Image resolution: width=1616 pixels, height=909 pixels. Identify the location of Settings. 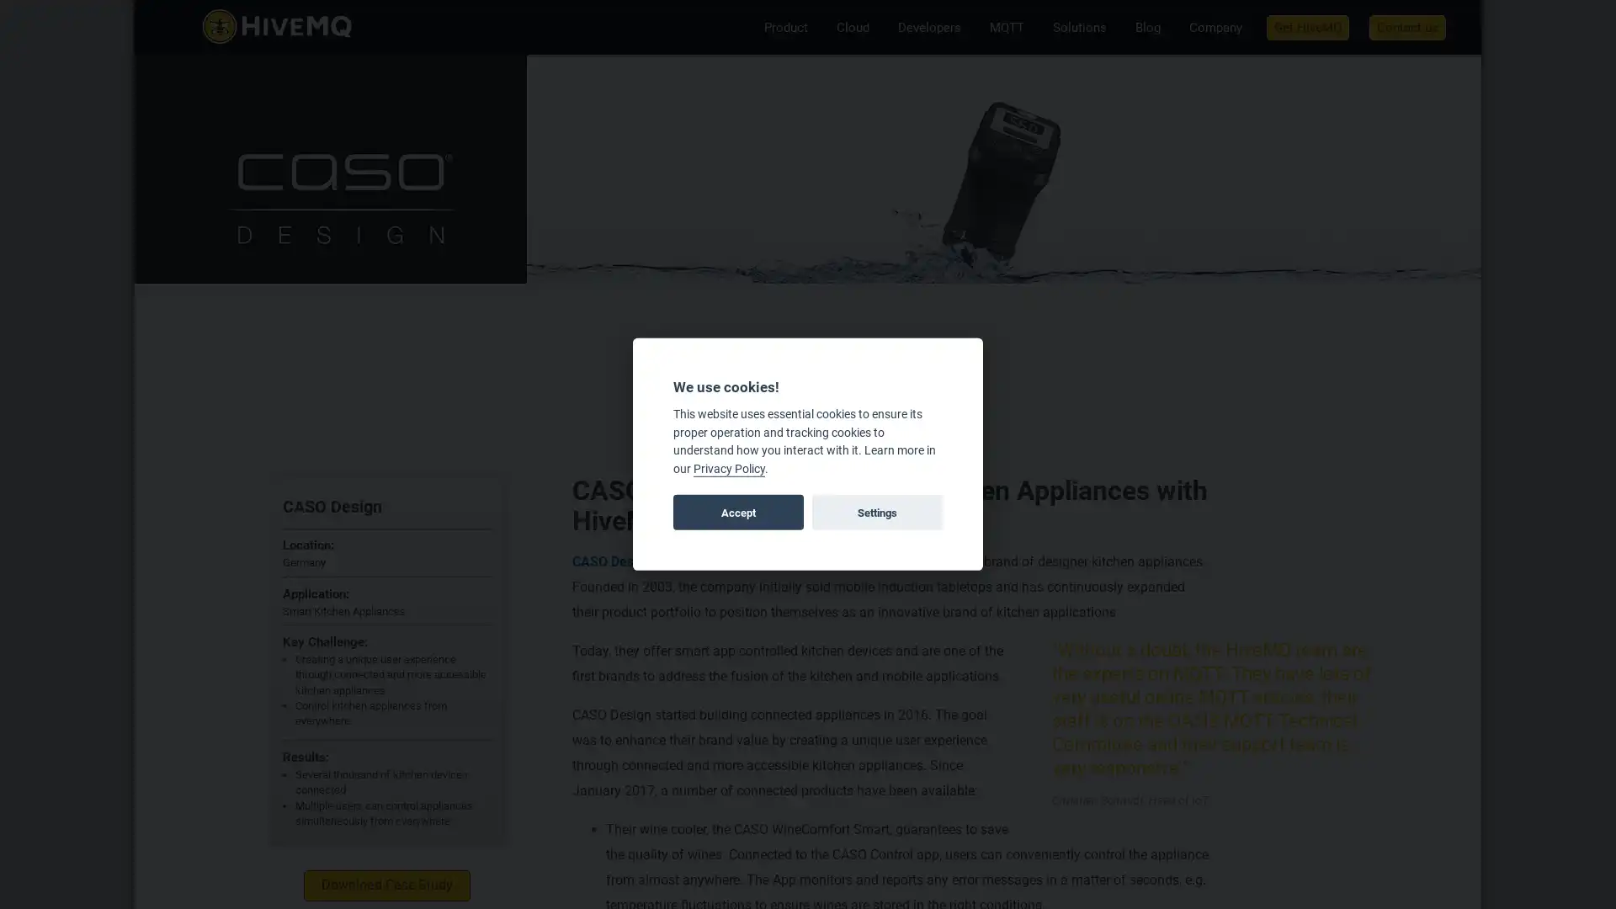
(875, 512).